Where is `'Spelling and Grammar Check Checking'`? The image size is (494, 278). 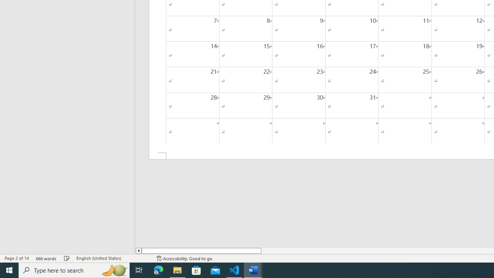
'Spelling and Grammar Check Checking' is located at coordinates (67, 258).